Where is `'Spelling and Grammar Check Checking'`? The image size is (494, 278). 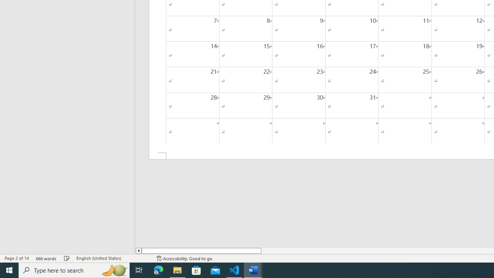
'Spelling and Grammar Check Checking' is located at coordinates (67, 258).